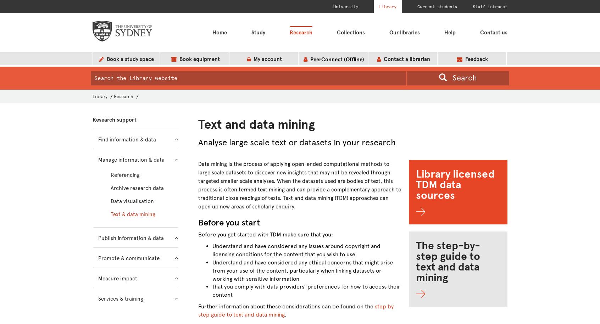 The height and width of the screenshot is (324, 600). I want to click on 'Collections', so click(350, 33).